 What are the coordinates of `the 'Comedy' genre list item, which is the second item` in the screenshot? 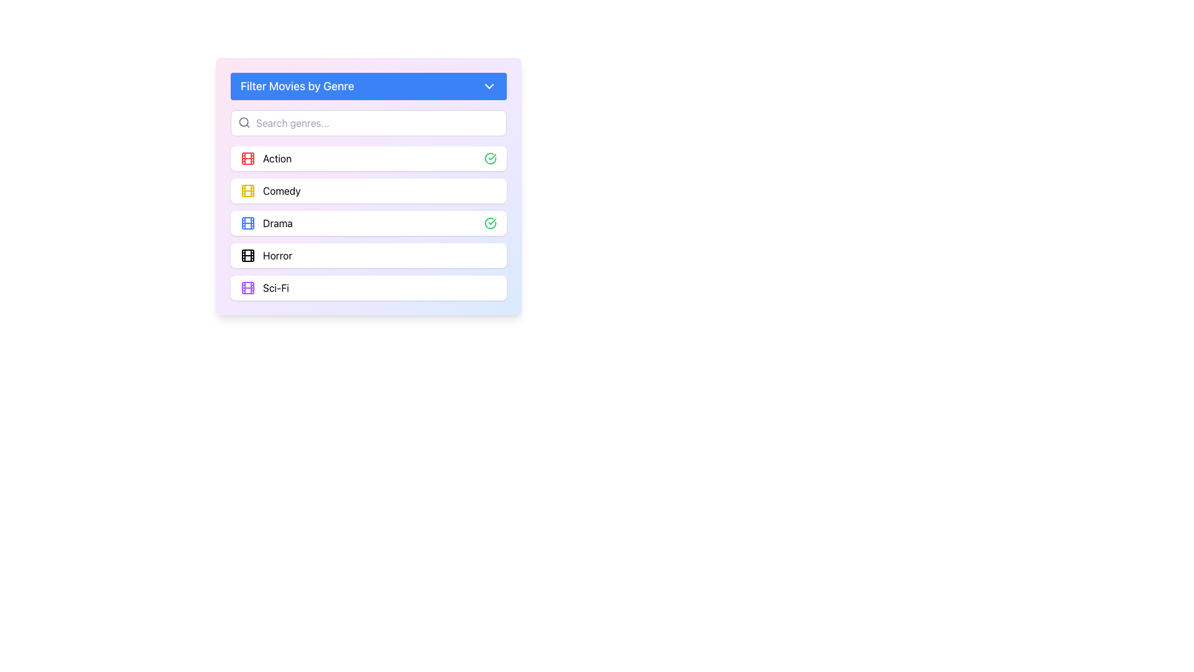 It's located at (368, 187).